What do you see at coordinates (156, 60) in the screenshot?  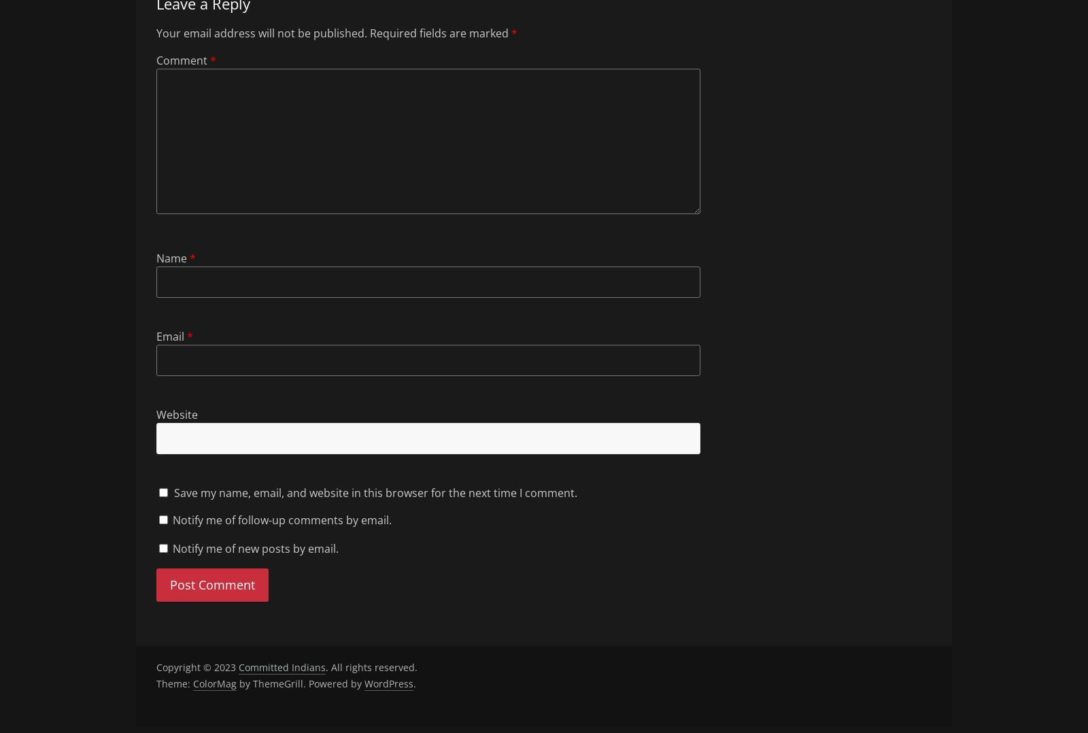 I see `'Comment'` at bounding box center [156, 60].